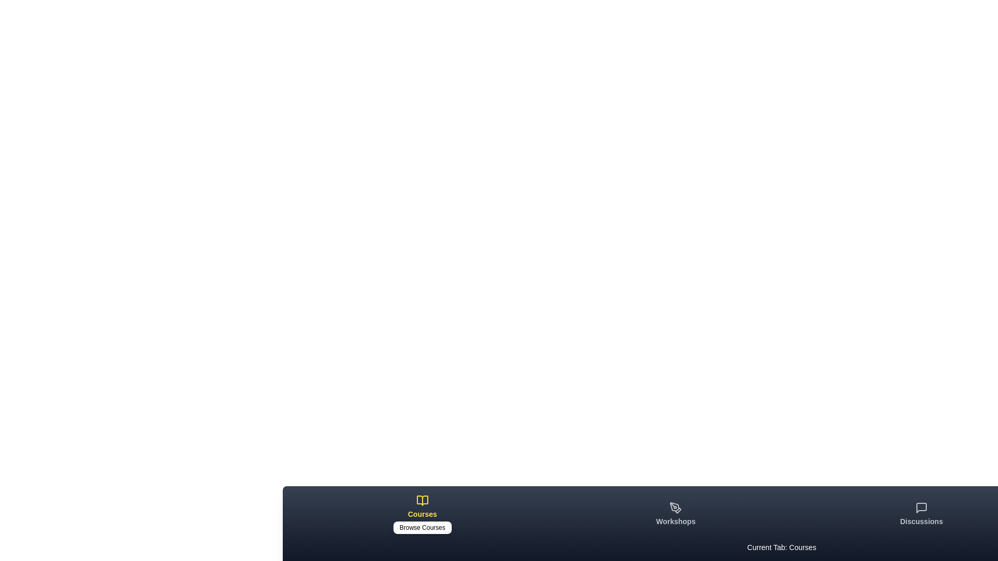 The height and width of the screenshot is (561, 998). I want to click on the tab labeled Discussions by clicking on its icon or label, so click(921, 514).